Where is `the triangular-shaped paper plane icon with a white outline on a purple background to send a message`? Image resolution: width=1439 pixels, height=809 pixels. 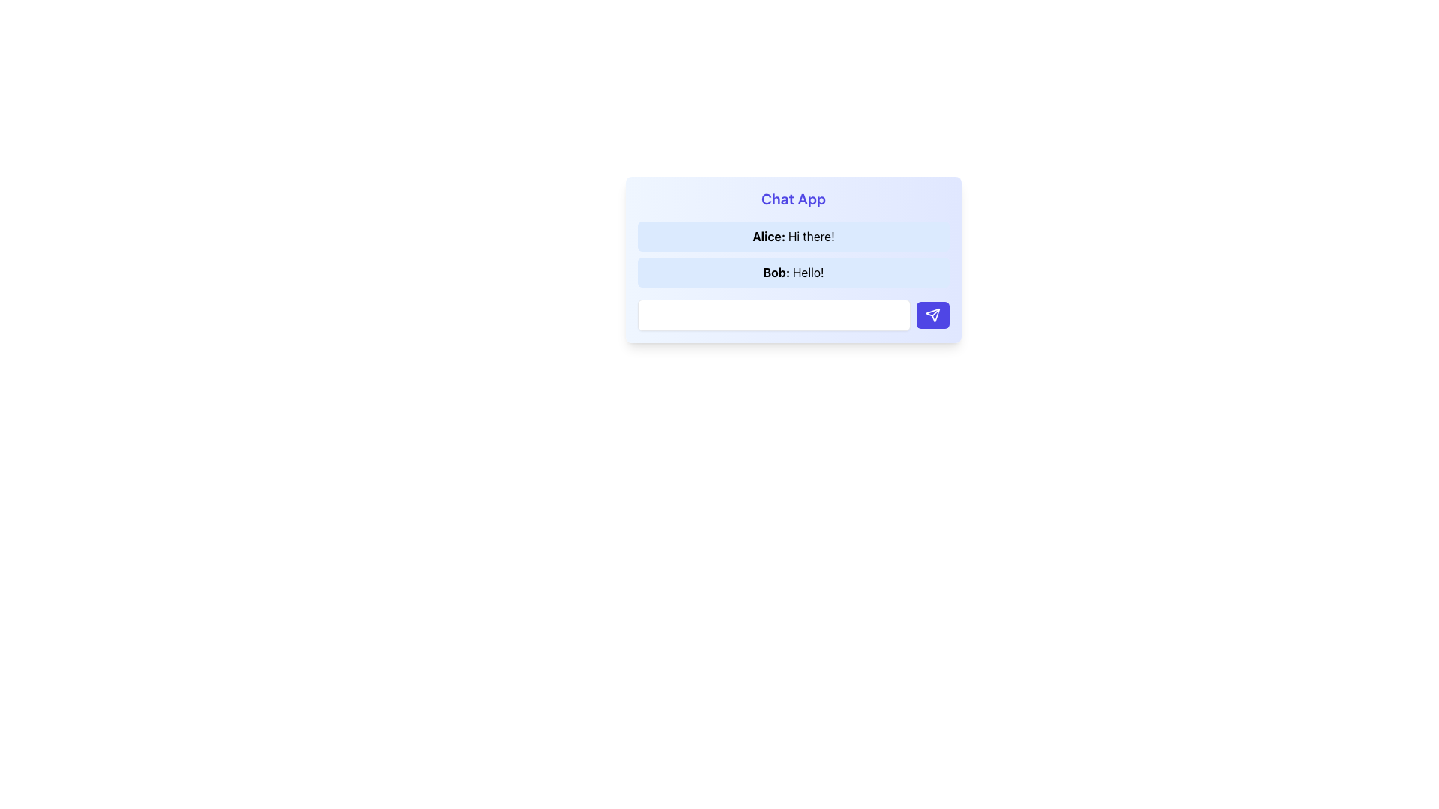
the triangular-shaped paper plane icon with a white outline on a purple background to send a message is located at coordinates (932, 314).